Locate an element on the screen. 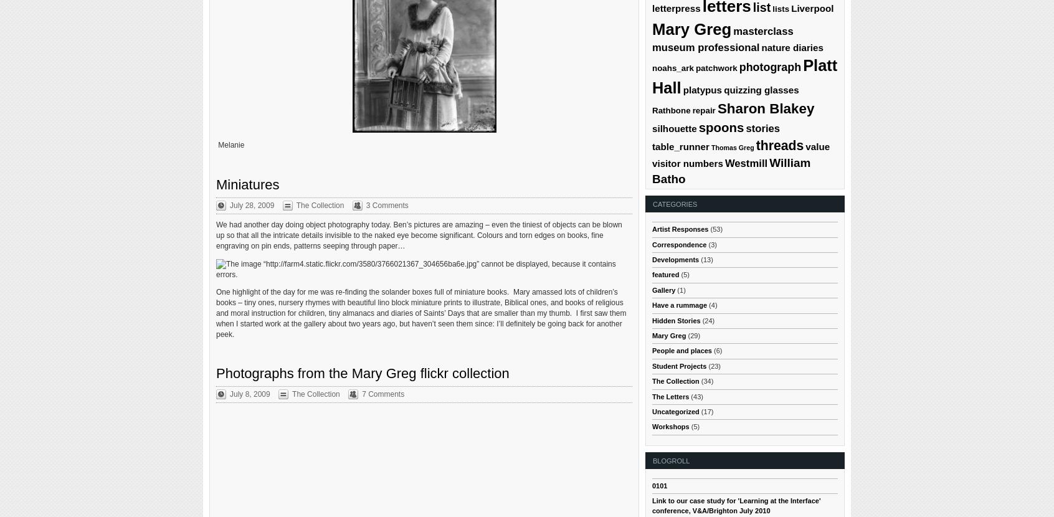 The height and width of the screenshot is (517, 1054). 'photograph' is located at coordinates (770, 67).